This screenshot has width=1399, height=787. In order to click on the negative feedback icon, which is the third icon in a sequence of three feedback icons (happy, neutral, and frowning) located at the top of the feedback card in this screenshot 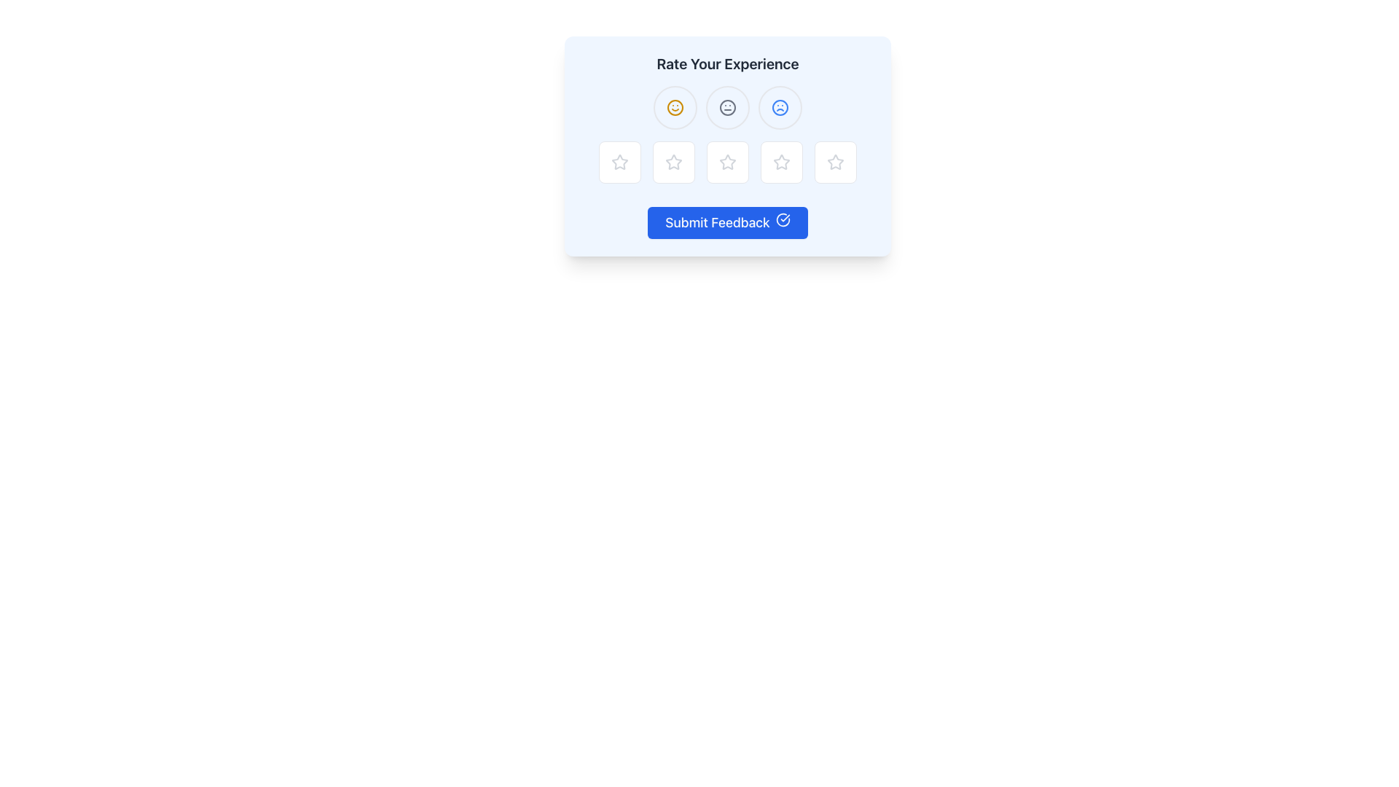, I will do `click(779, 106)`.